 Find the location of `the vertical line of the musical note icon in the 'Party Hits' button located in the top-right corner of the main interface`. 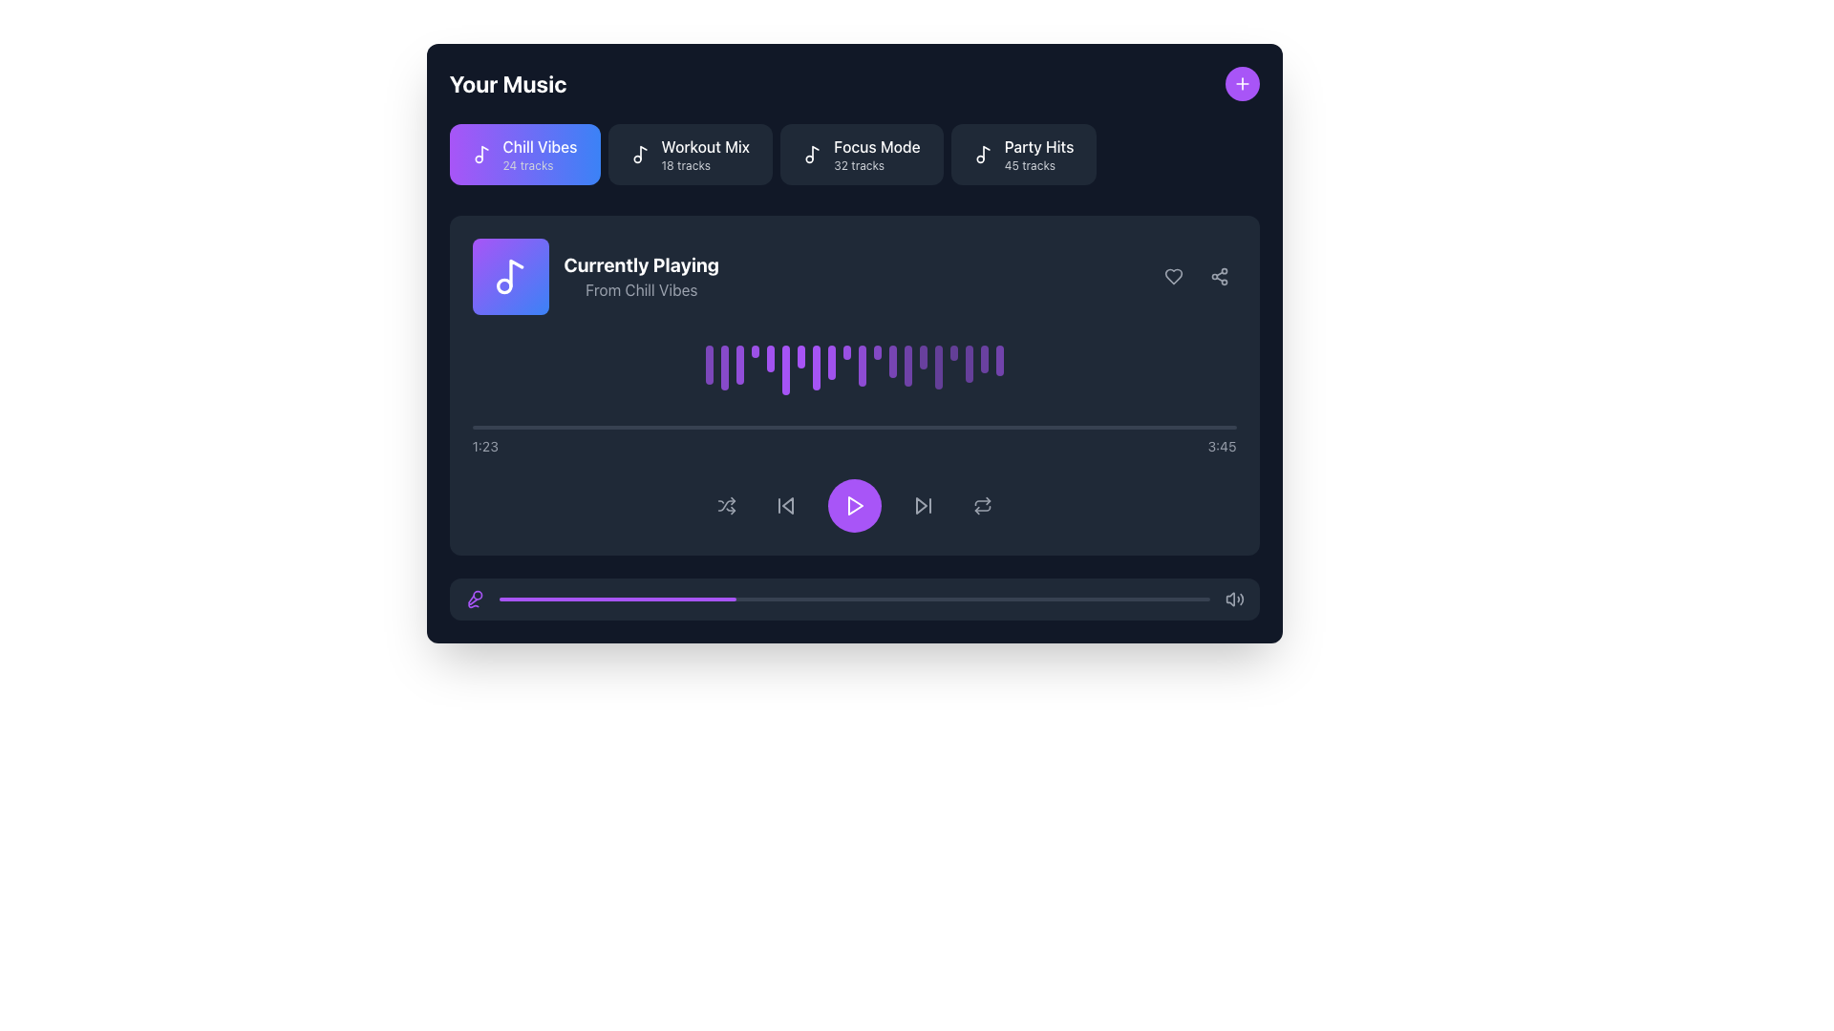

the vertical line of the musical note icon in the 'Party Hits' button located in the top-right corner of the main interface is located at coordinates (986, 152).